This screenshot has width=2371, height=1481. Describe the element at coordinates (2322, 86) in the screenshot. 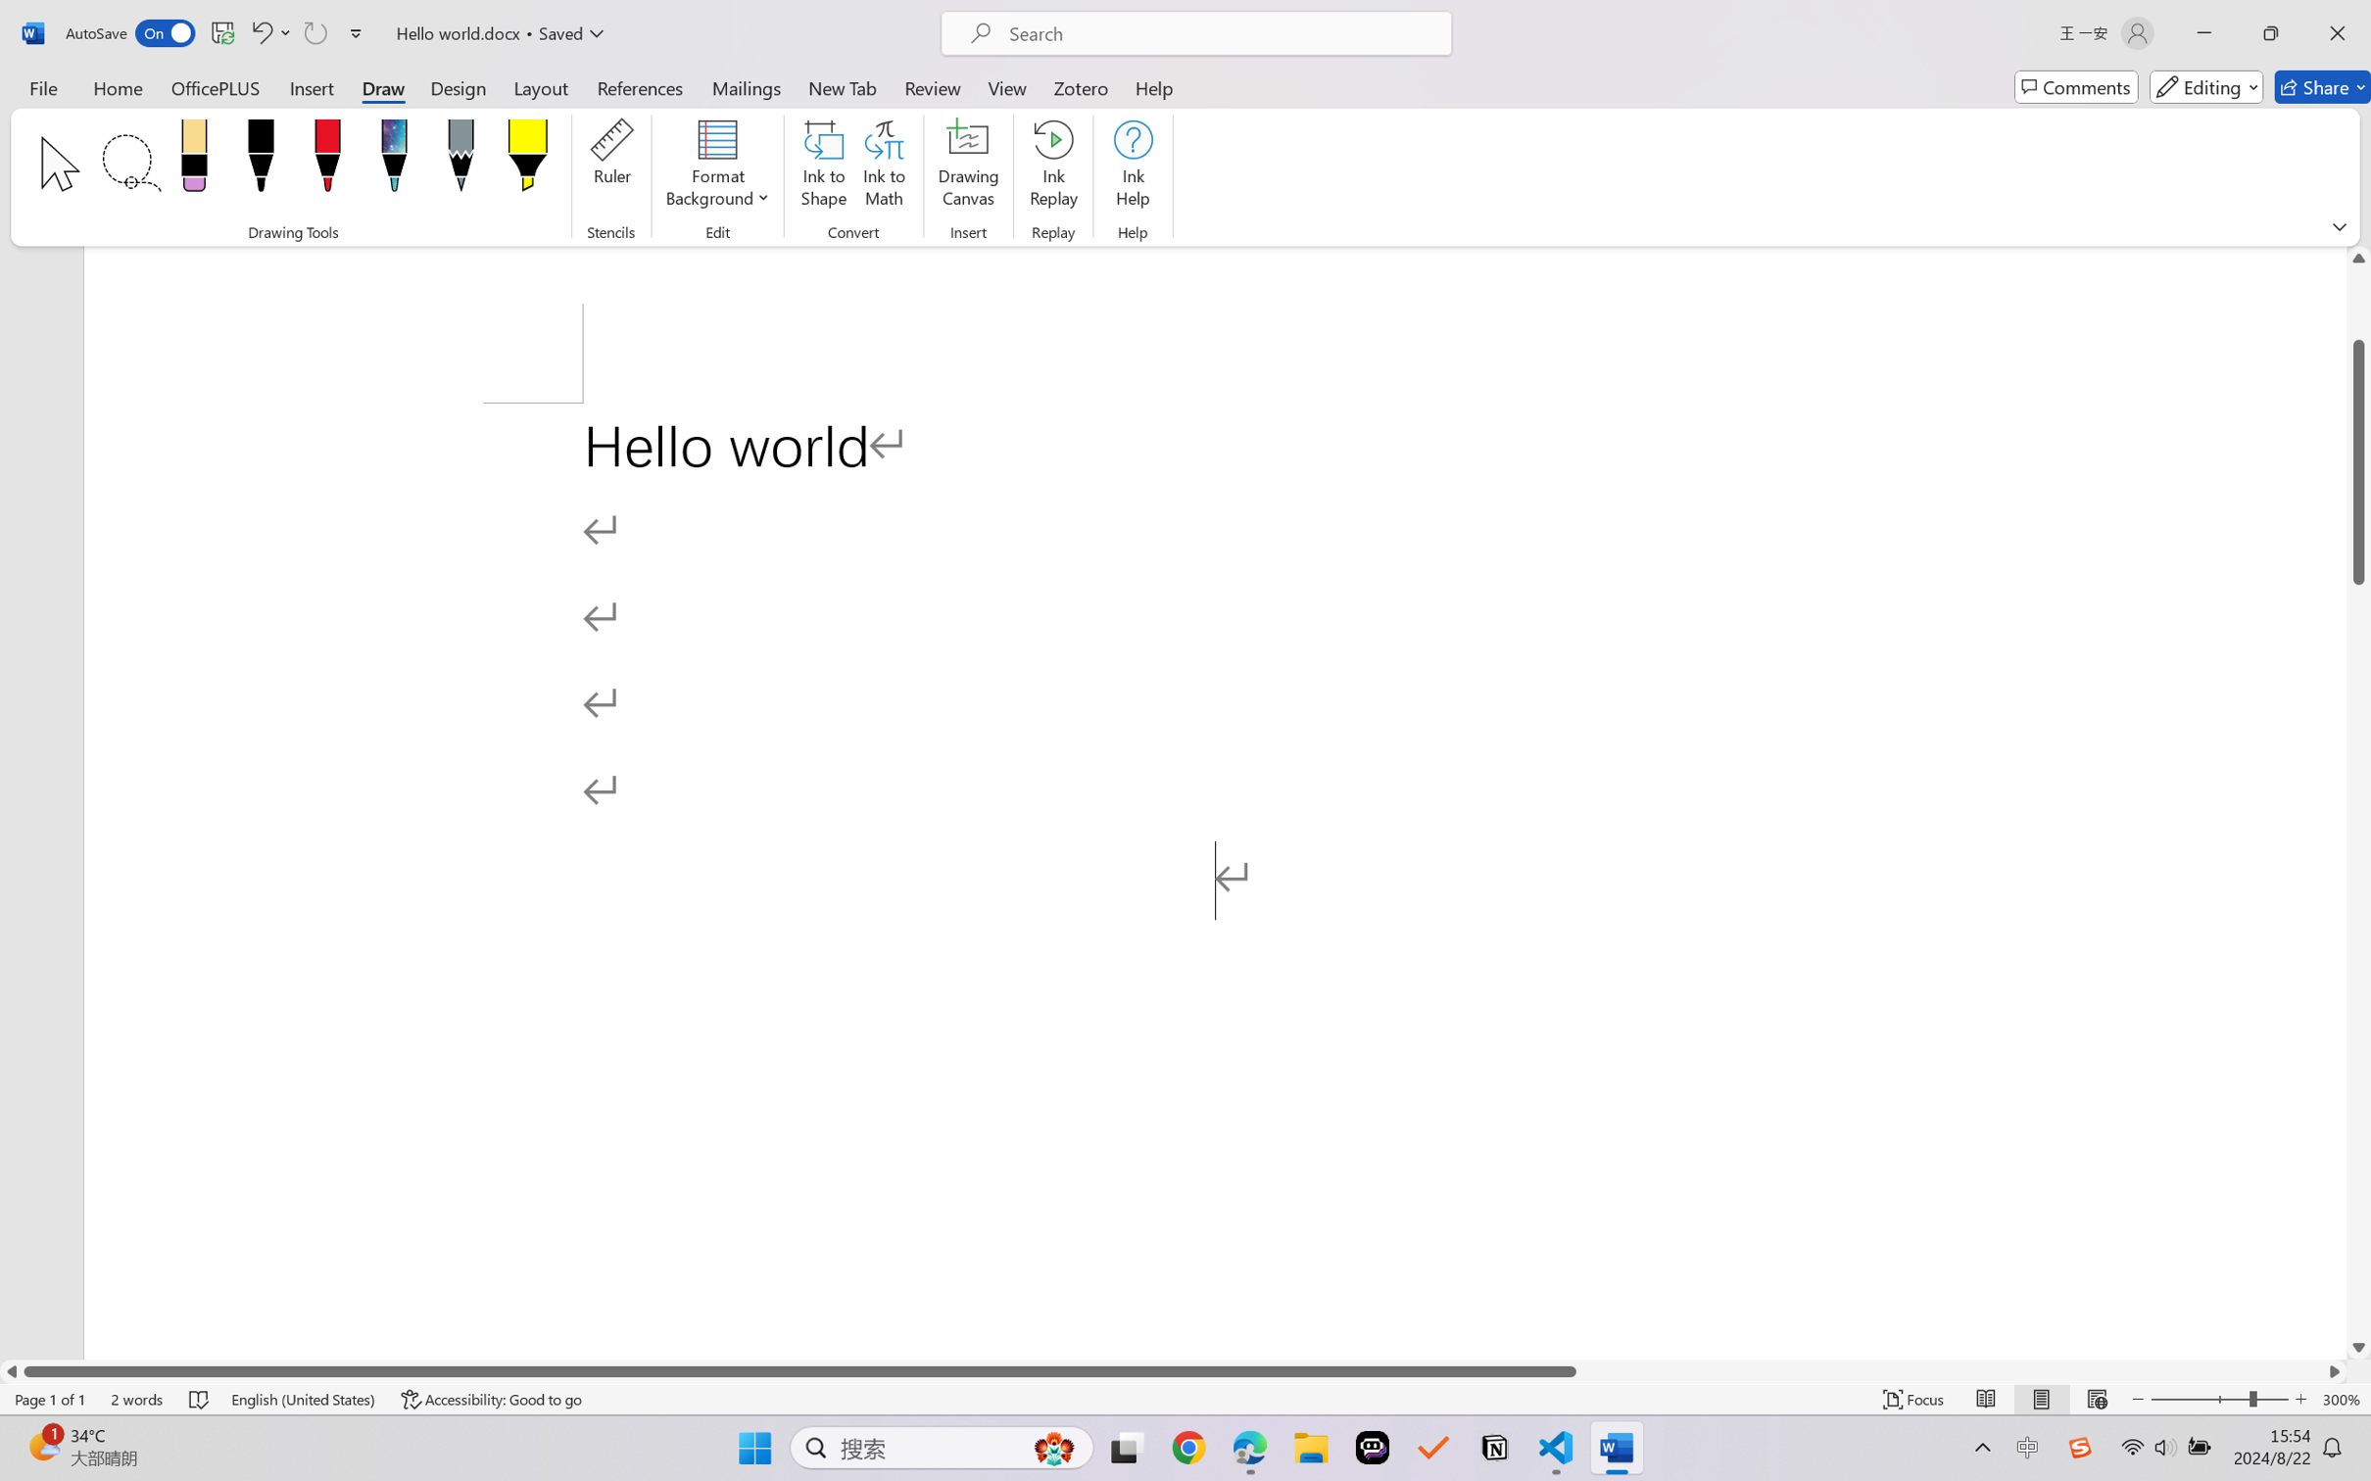

I see `'Share'` at that location.